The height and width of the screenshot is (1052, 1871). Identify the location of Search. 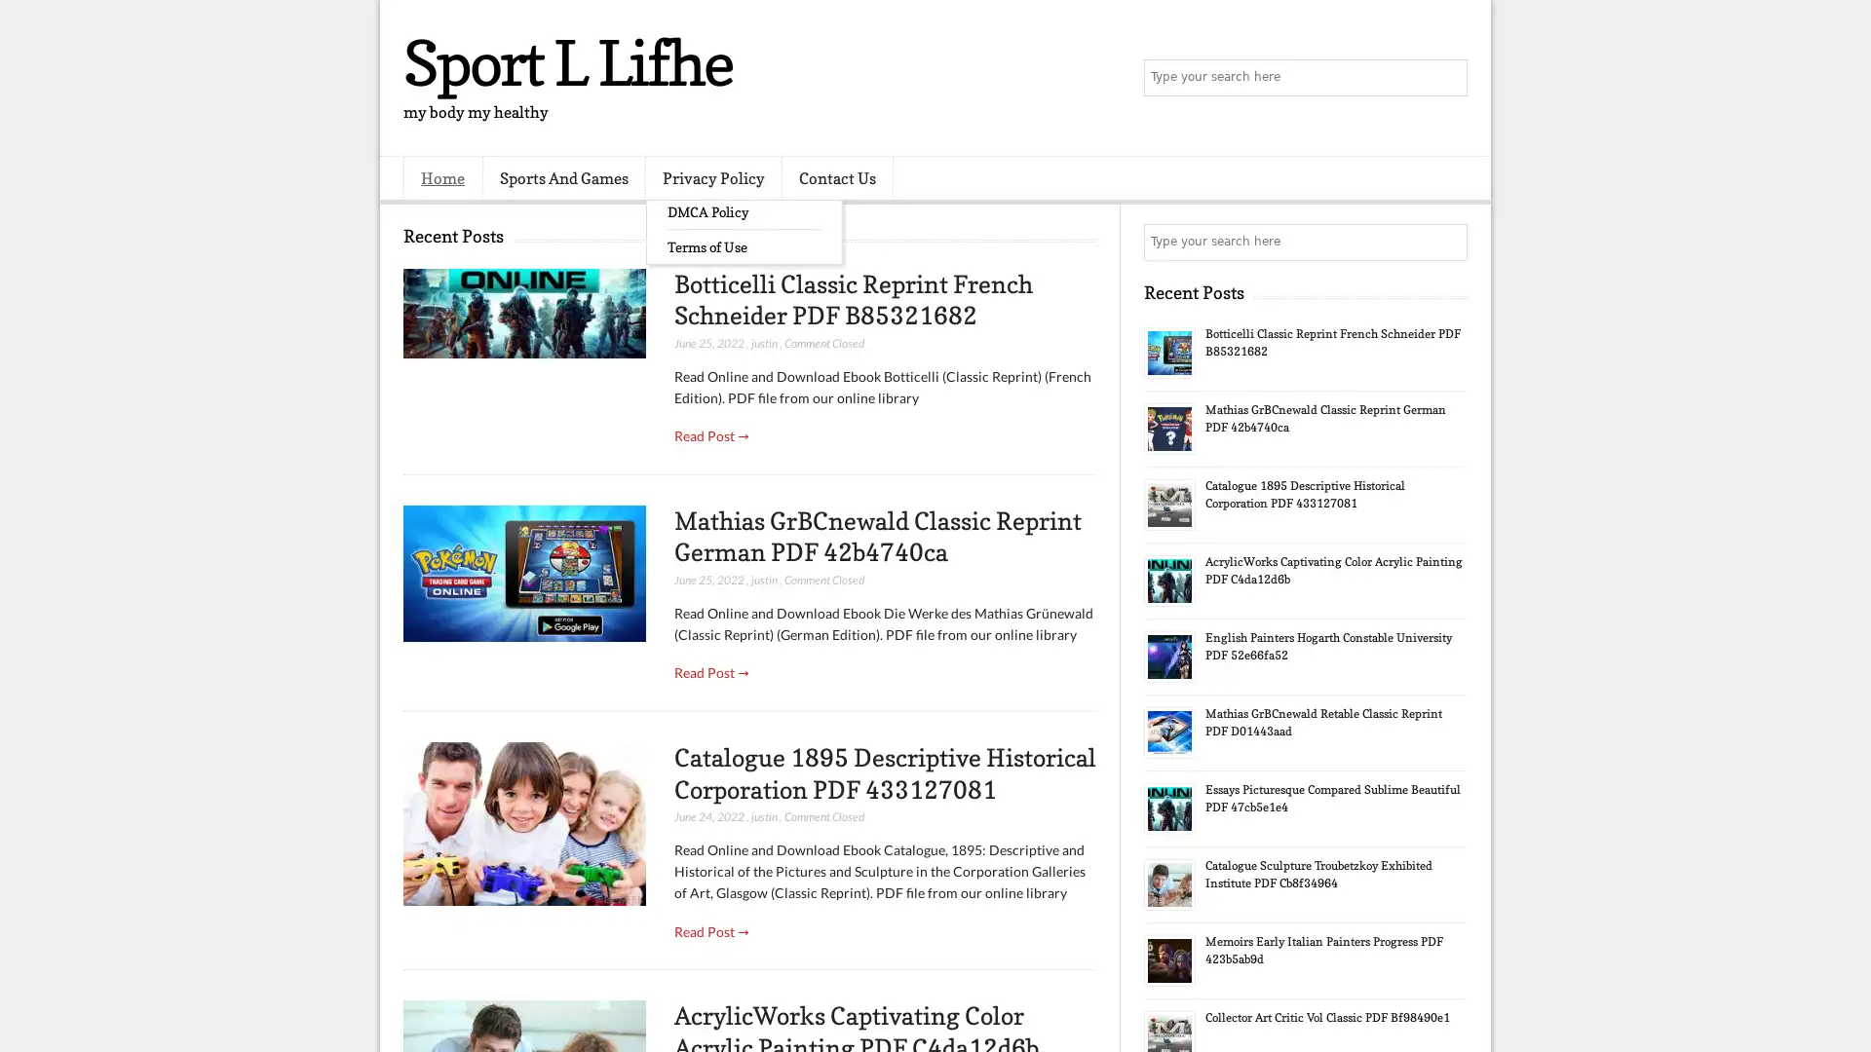
(1447, 78).